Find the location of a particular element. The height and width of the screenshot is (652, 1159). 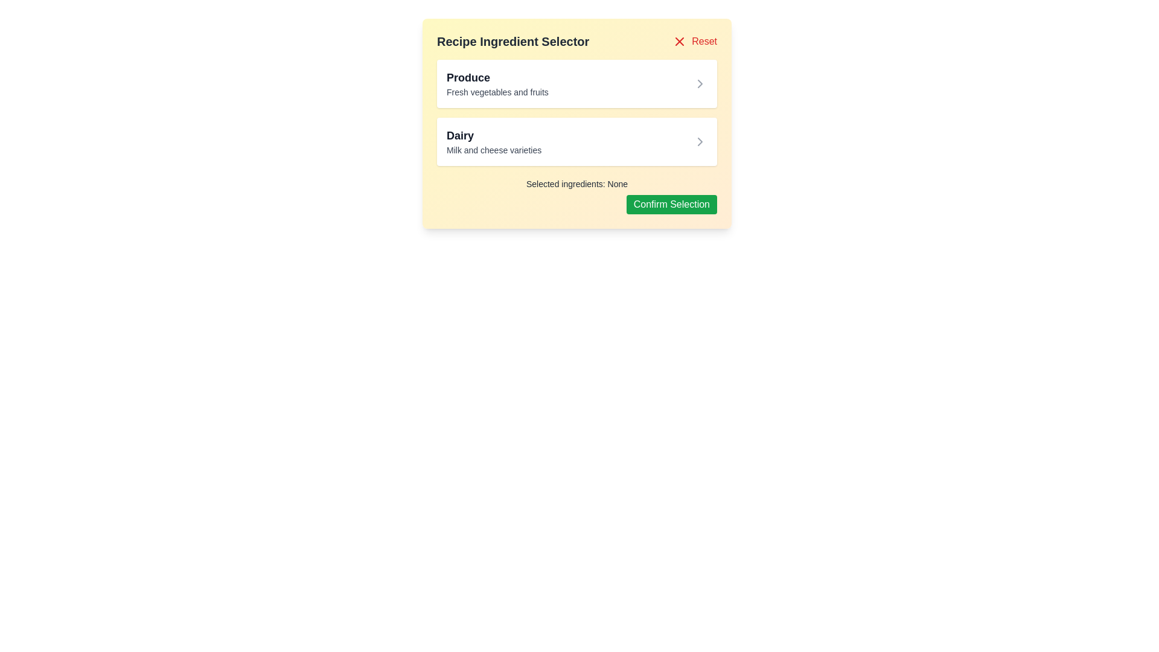

the interactive text label displaying 'Produce' to confirm selection is located at coordinates (497, 83).